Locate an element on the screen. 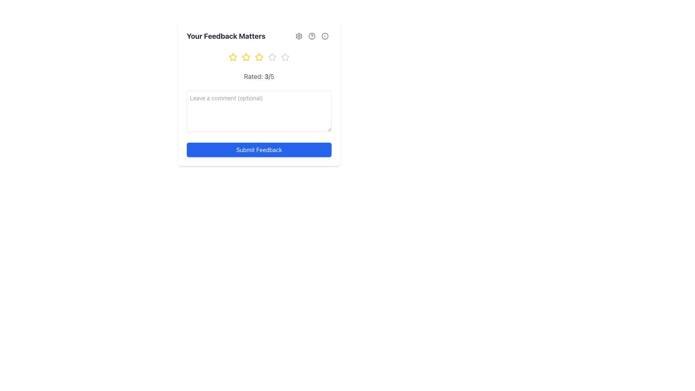  the first yellow hollow star icon in the rating component is located at coordinates (233, 56).